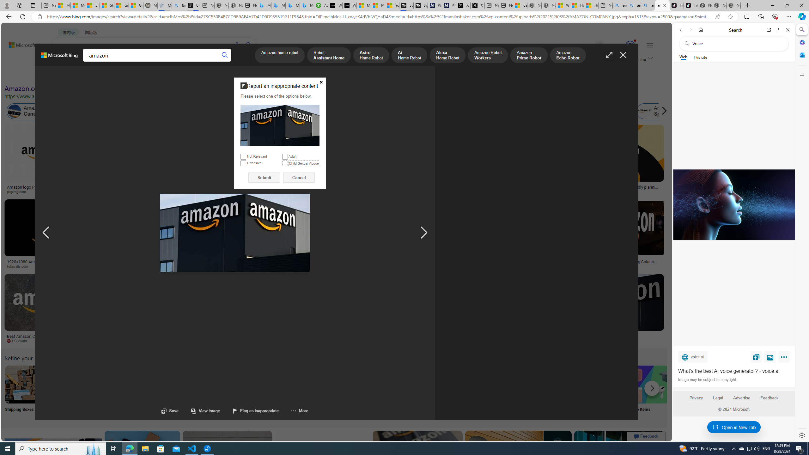 This screenshot has width=809, height=455. Describe the element at coordinates (23, 384) in the screenshot. I see `'Amazon Shipping Boxes'` at that location.